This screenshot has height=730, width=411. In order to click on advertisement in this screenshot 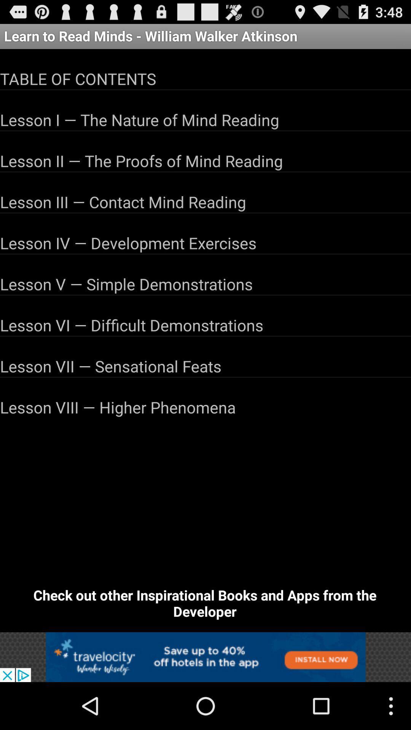, I will do `click(205, 657)`.